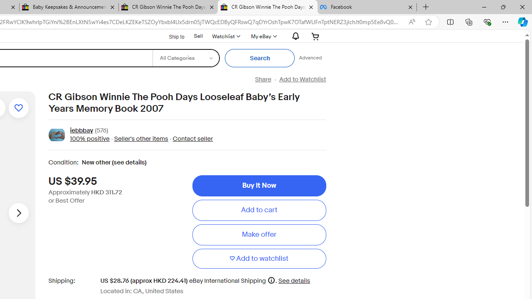  I want to click on 'See details for shipping', so click(294, 280).